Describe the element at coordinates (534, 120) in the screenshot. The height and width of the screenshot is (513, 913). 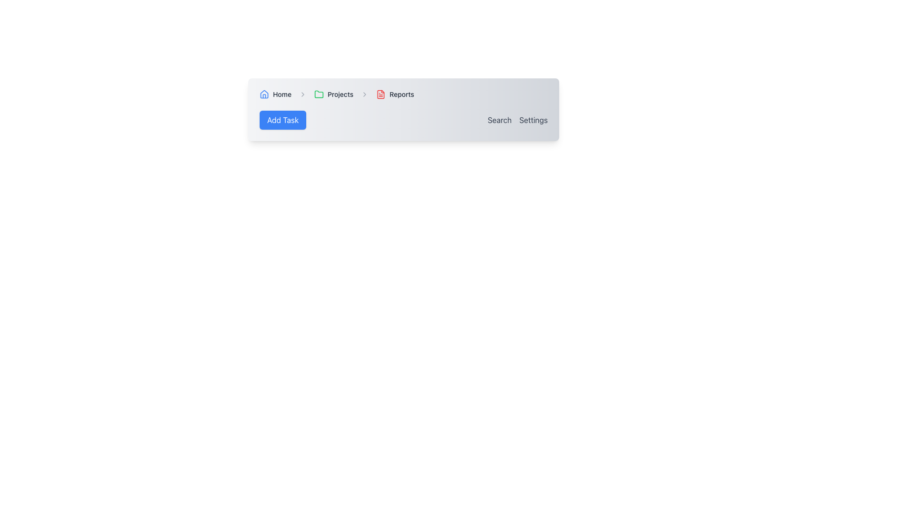
I see `the 'Settings' text label located at the far-right next to the 'Search' item` at that location.